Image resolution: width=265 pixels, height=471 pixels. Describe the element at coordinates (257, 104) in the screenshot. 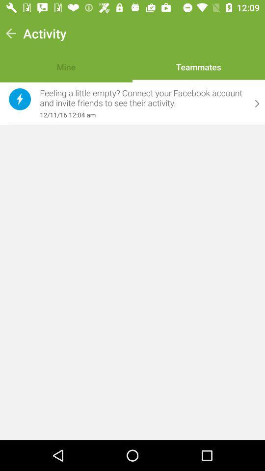

I see `the item to the right of the feeling a little item` at that location.